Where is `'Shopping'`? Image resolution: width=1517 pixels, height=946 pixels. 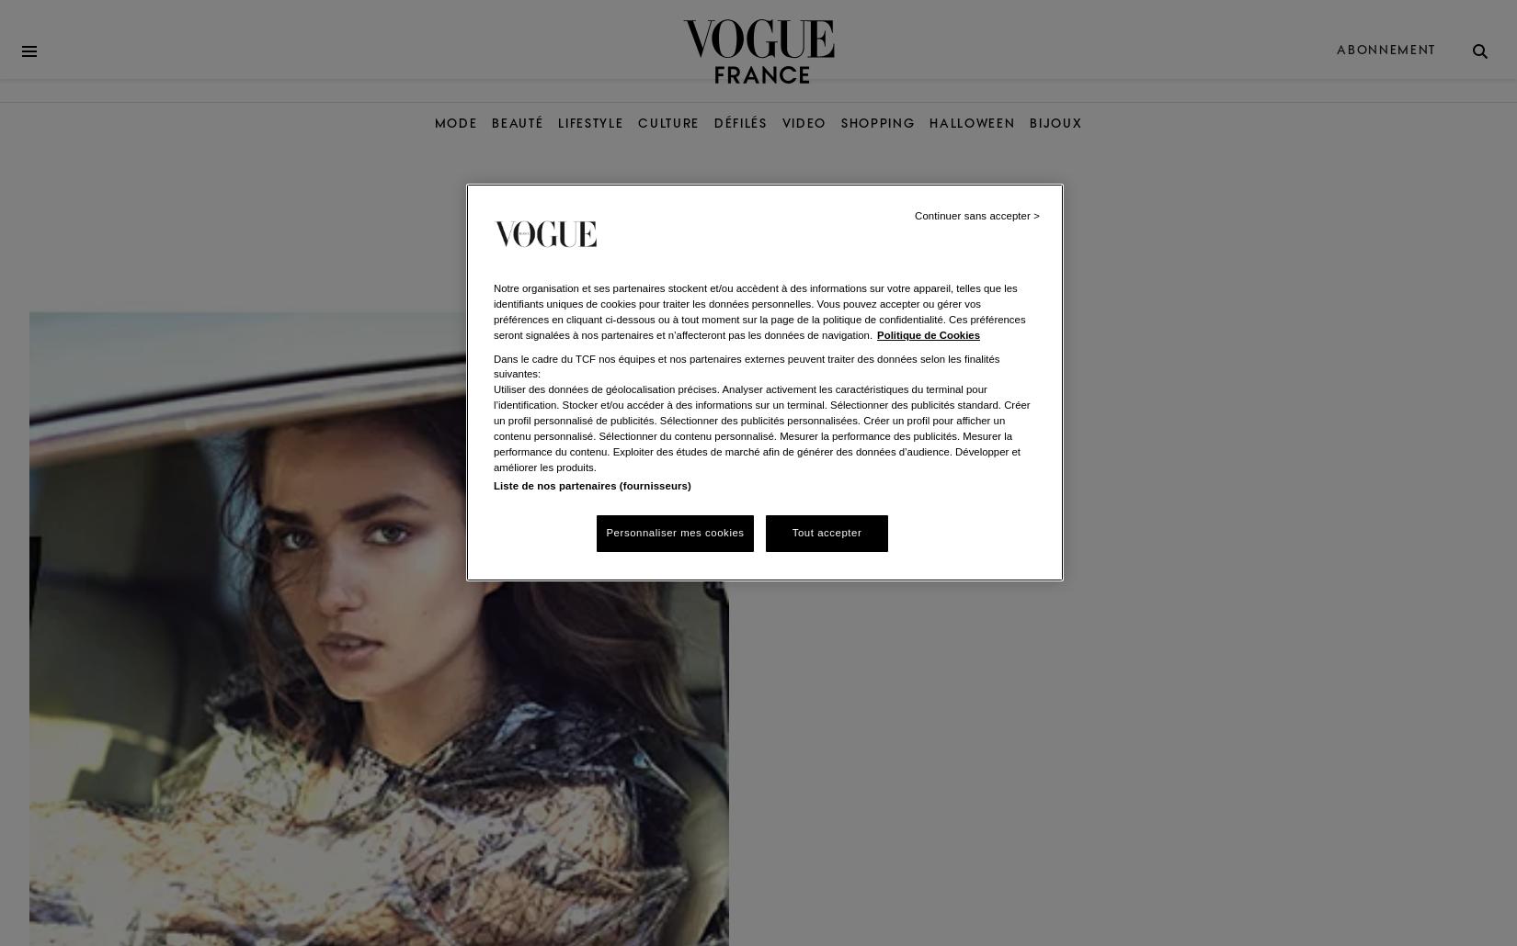 'Shopping' is located at coordinates (877, 122).